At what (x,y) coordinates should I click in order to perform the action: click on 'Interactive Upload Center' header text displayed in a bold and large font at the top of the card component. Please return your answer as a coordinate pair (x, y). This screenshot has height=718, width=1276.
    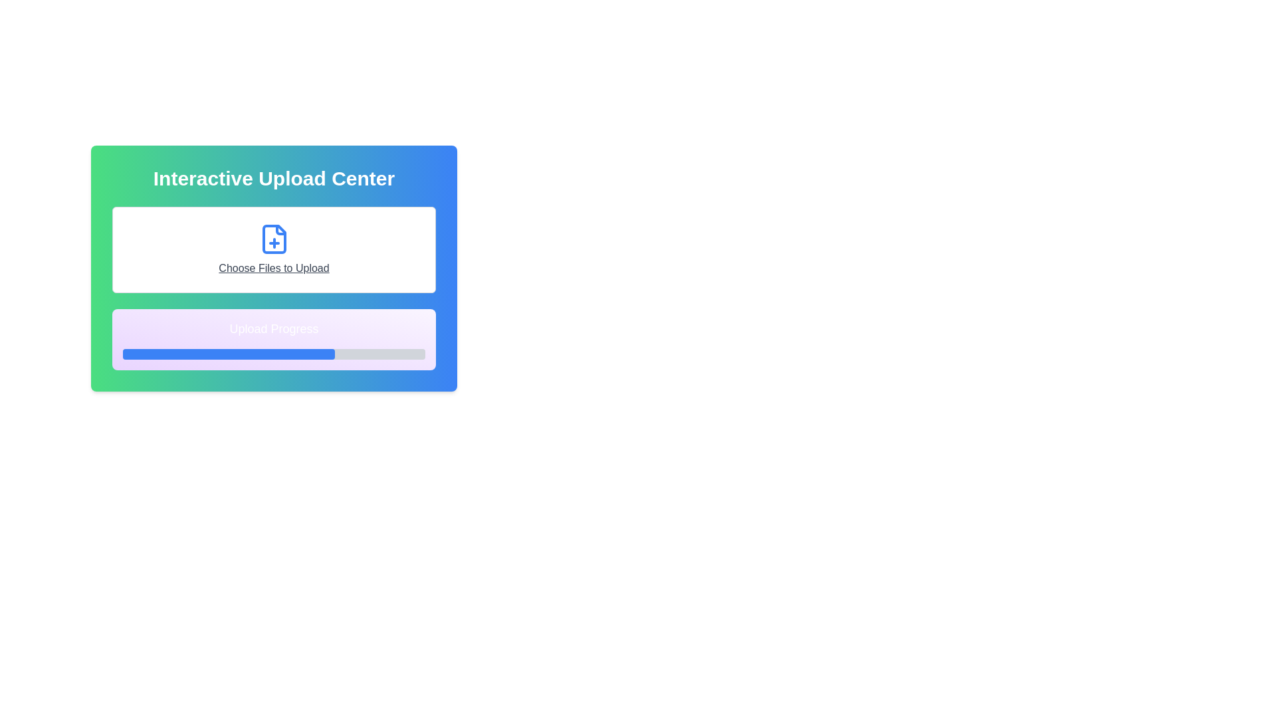
    Looking at the image, I should click on (273, 178).